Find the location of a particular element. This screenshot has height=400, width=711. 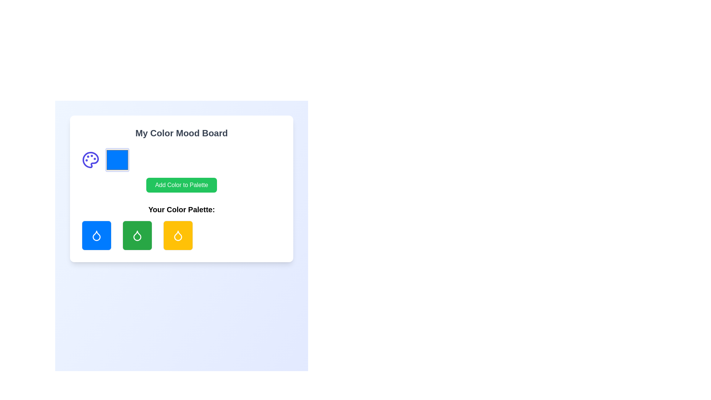

the droplet icon, which is the third icon in a row at the bottom of the 'Your Color Palette' area is located at coordinates (178, 236).